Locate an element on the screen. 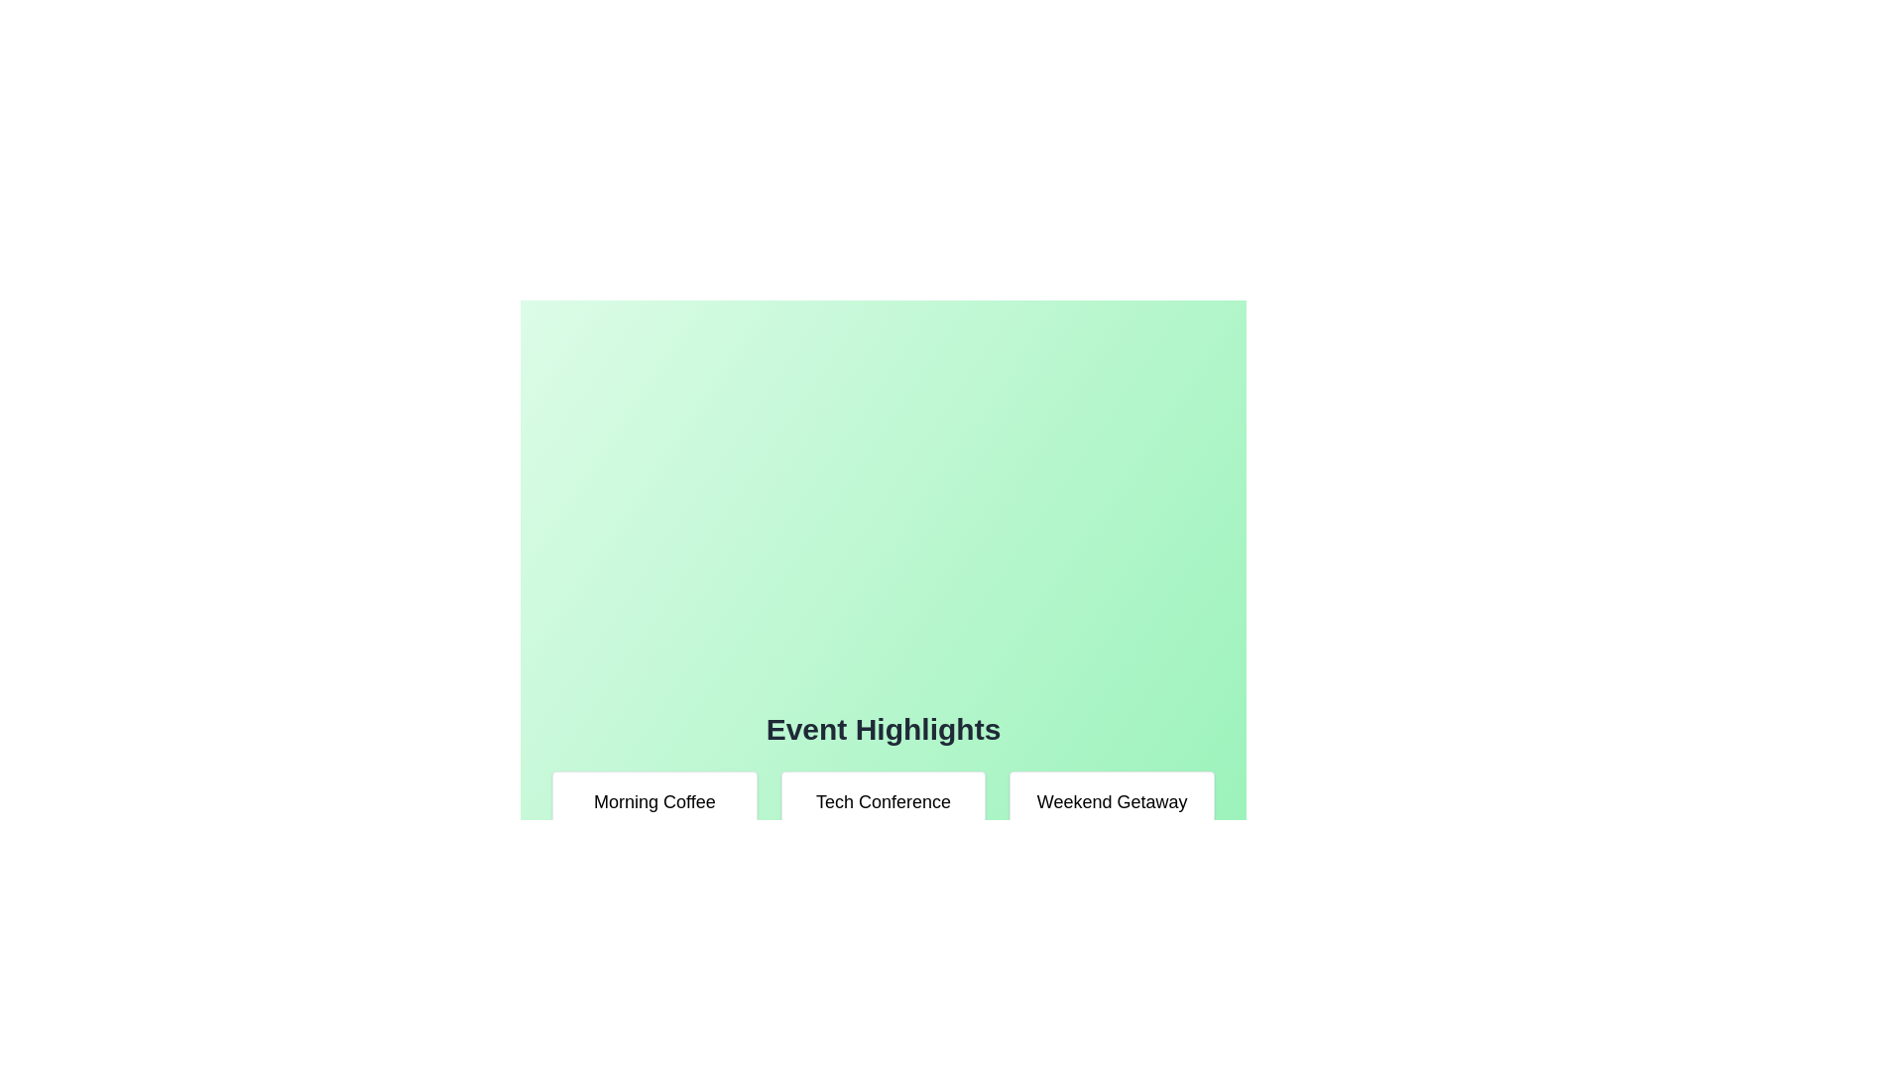 Image resolution: width=1904 pixels, height=1071 pixels. the 'Tech Conference' title label located at the top-center of the white card, which serves as a thematic identifier for the information contained within the card is located at coordinates (883, 801).